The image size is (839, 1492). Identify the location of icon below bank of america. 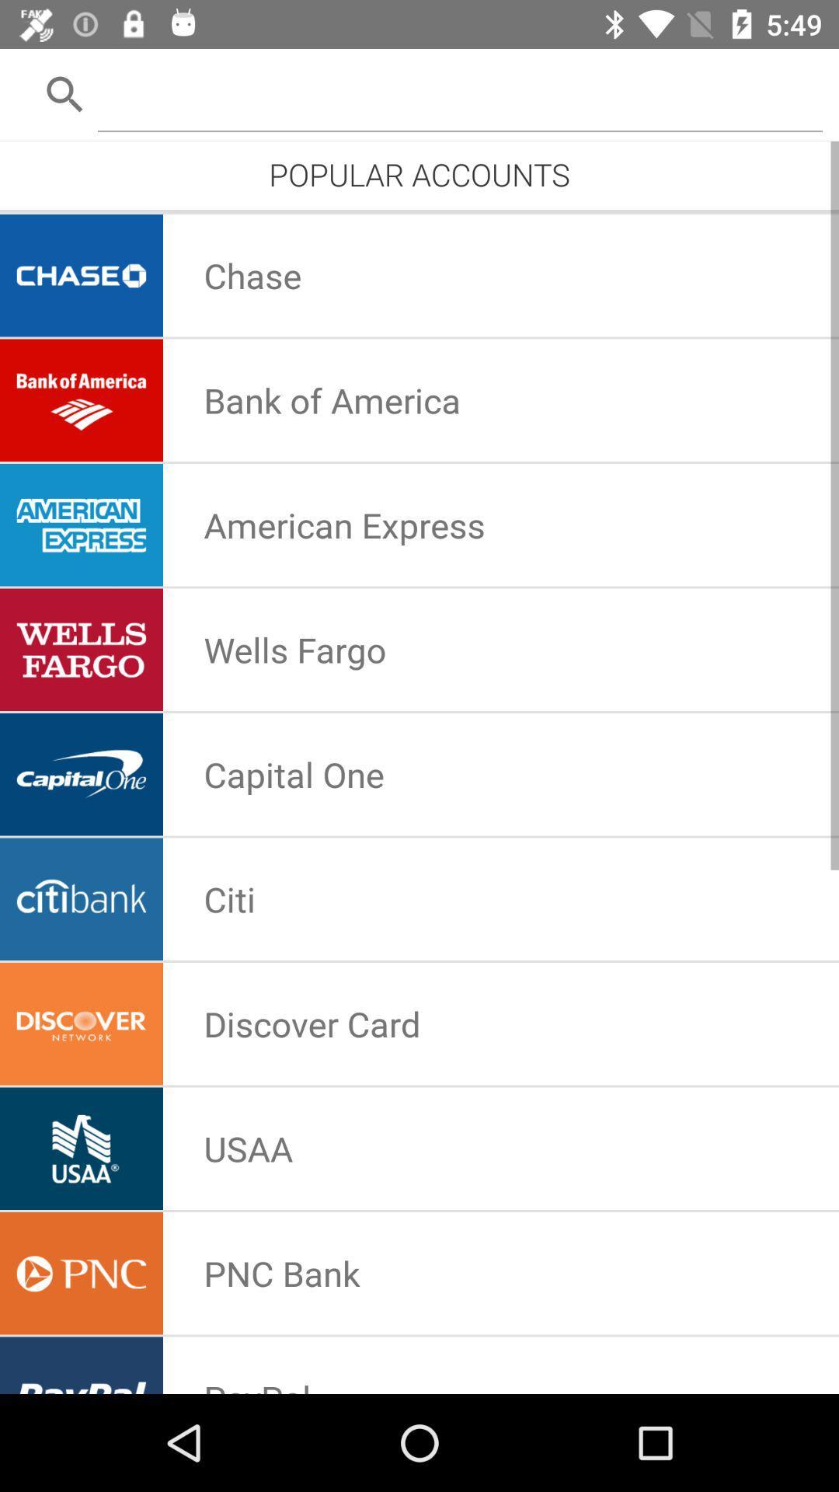
(343, 525).